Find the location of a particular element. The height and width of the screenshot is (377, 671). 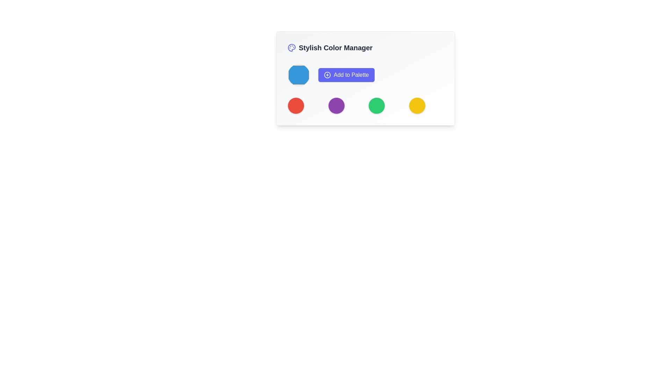

on the fourth circular decorative or selector button in the grid layout under the 'Stylish Color Manager' section is located at coordinates (417, 106).